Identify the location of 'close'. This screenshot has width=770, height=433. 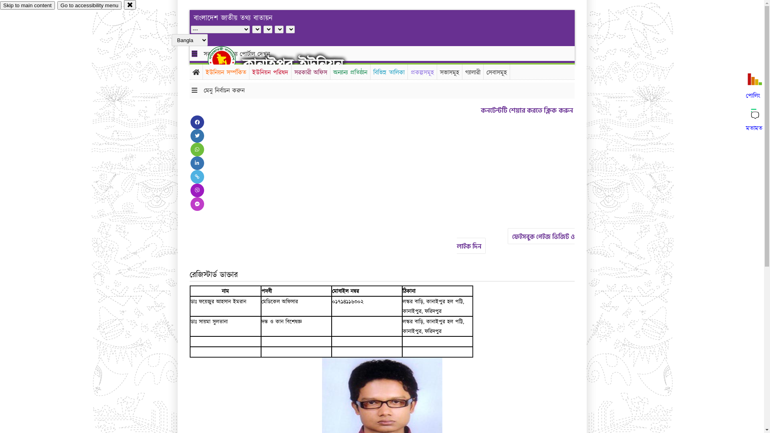
(123, 4).